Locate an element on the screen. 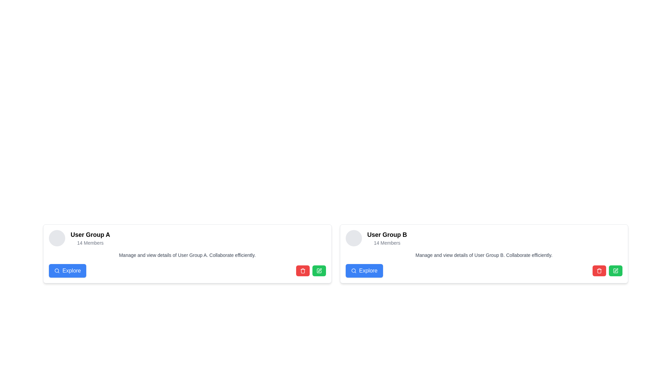  the middle component of the trash bin icon located in the bottom-right corner of the card for 'User Group A' is located at coordinates (302, 271).